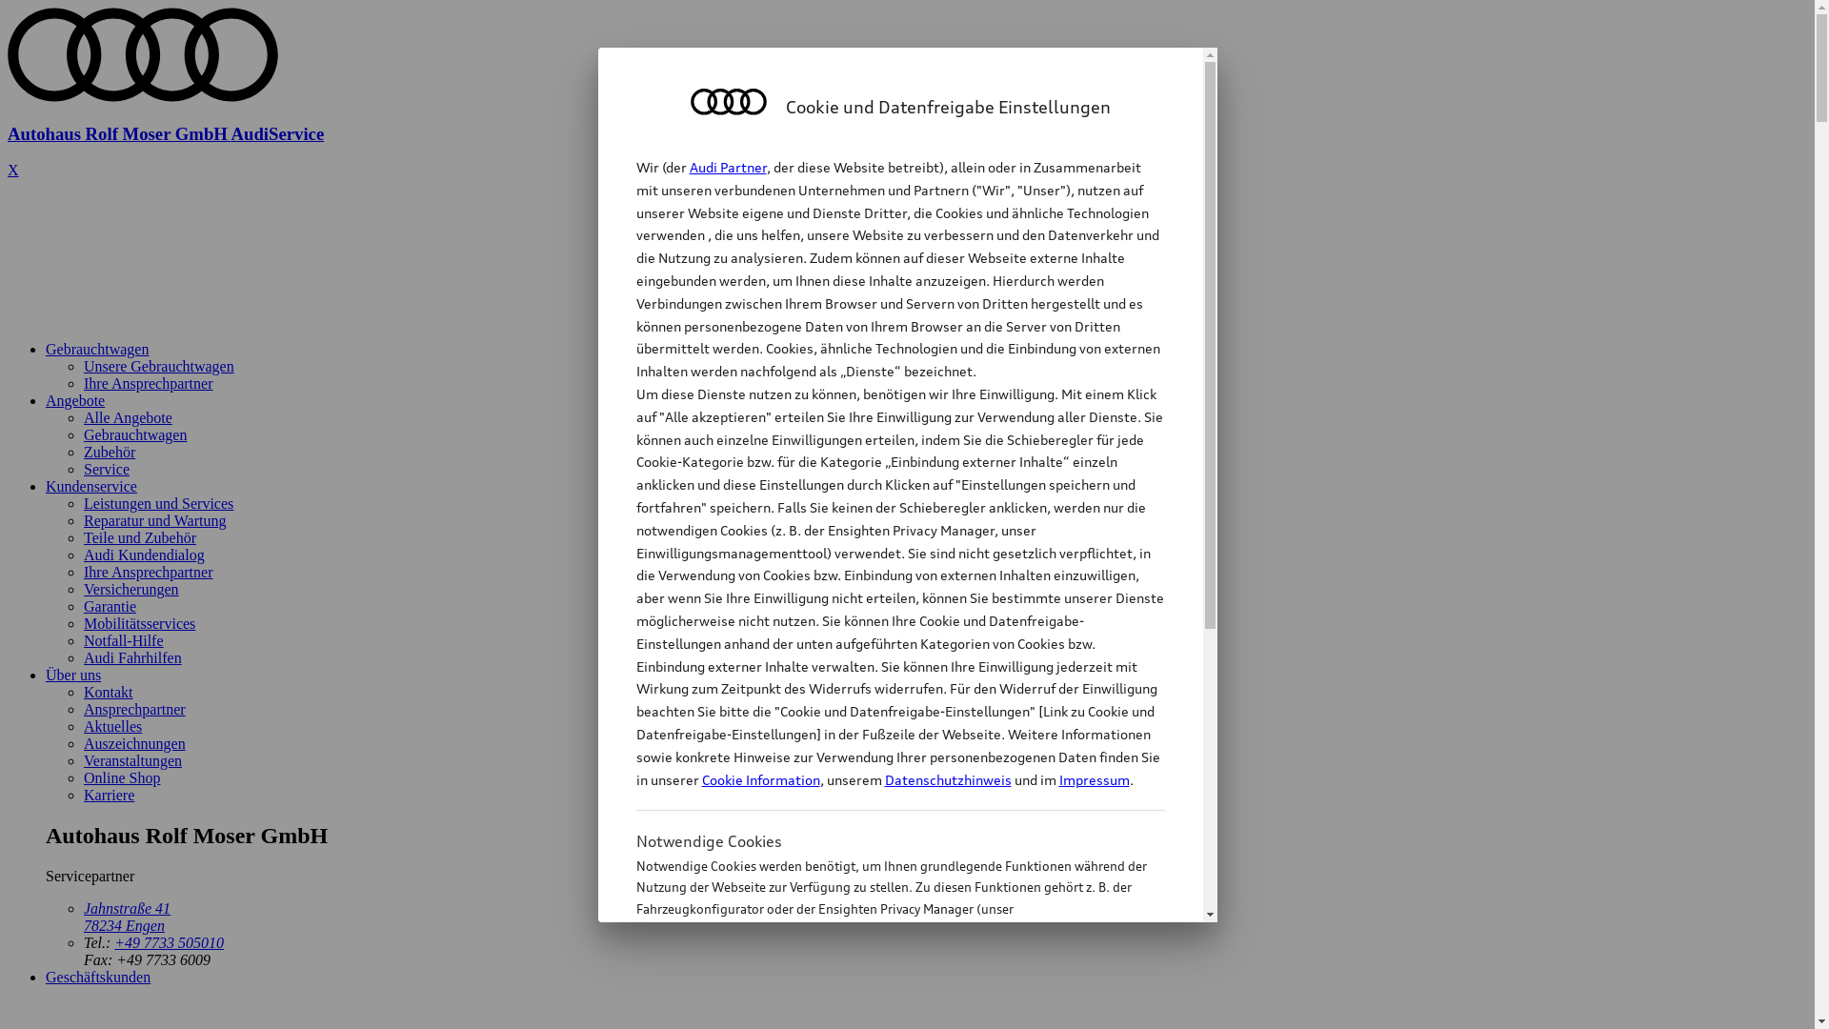 Image resolution: width=1829 pixels, height=1029 pixels. I want to click on 'Garantie', so click(109, 606).